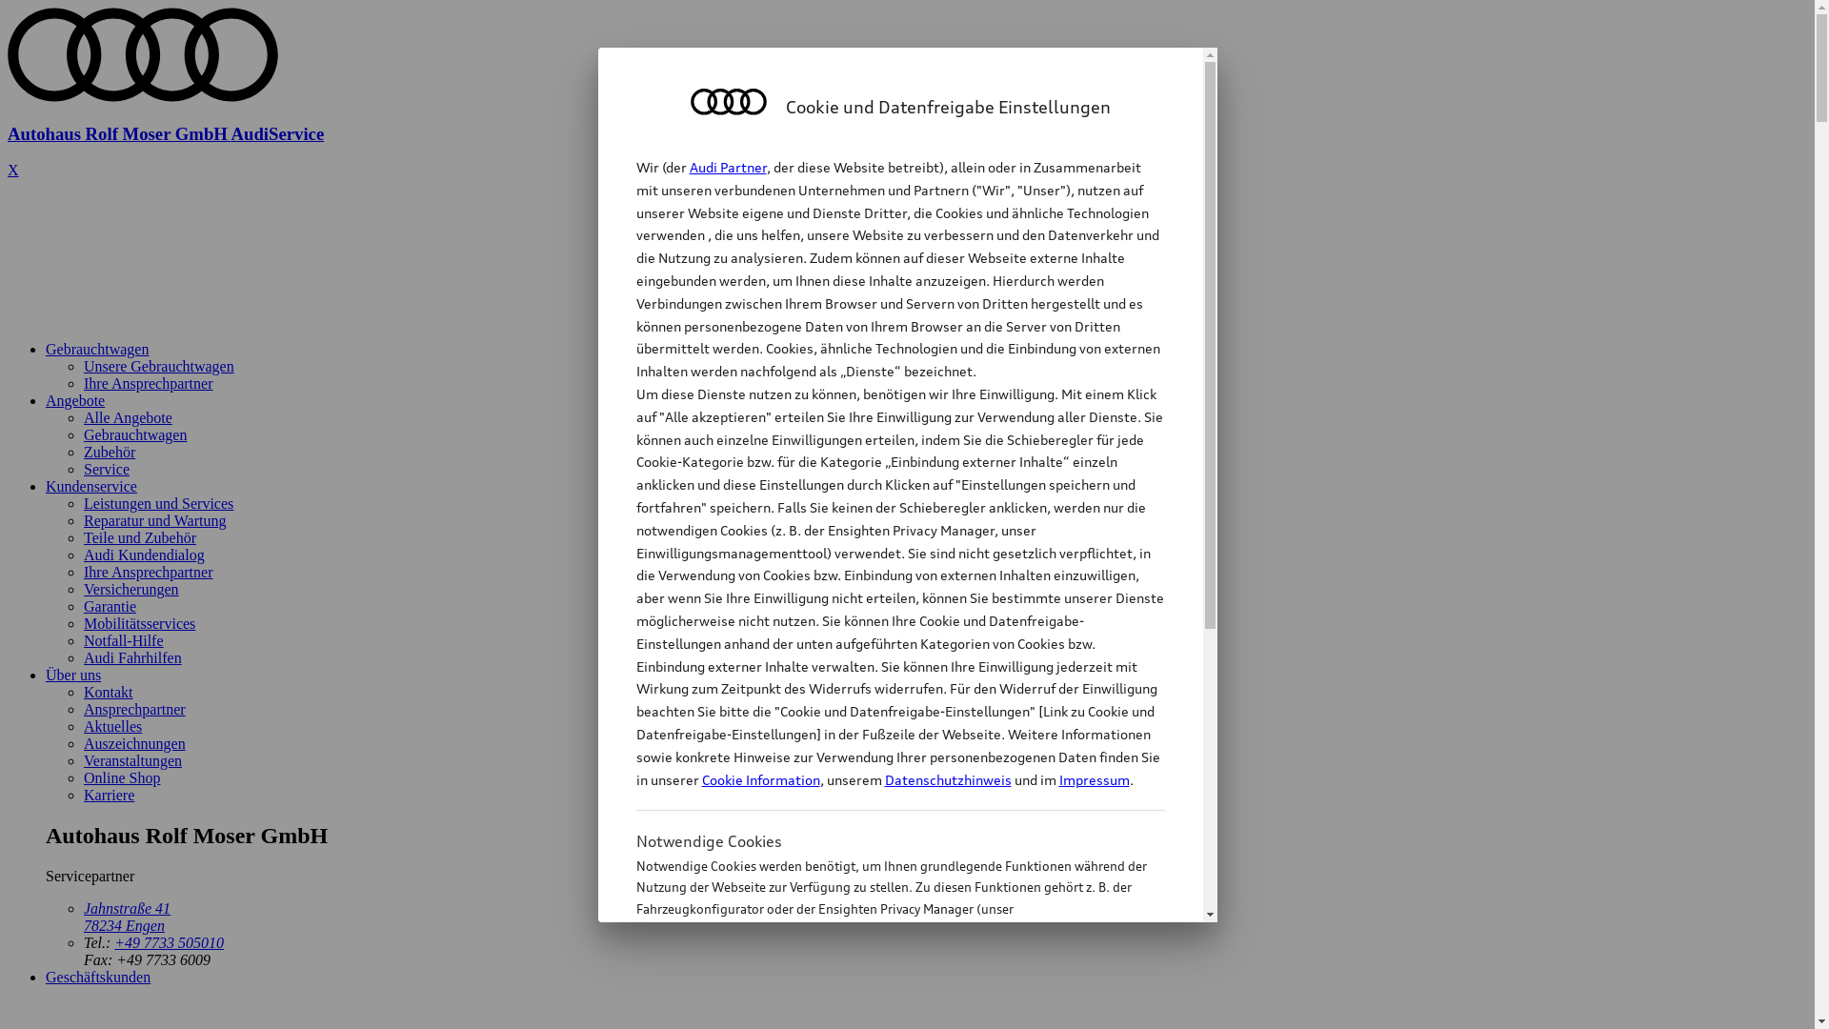 Image resolution: width=1829 pixels, height=1029 pixels. I want to click on 'Garantie', so click(109, 606).